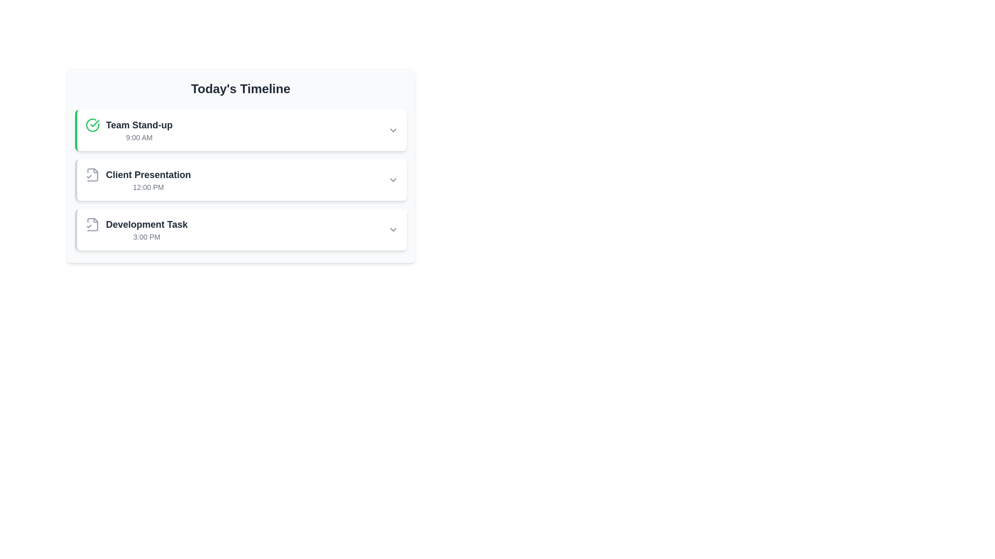 The width and height of the screenshot is (995, 559). Describe the element at coordinates (92, 125) in the screenshot. I see `the status of the circular icon with a green checkmark that indicates completion, located to the left of 'Team Stand-up' and '9:00 AM' in 'Today's Timeline'` at that location.